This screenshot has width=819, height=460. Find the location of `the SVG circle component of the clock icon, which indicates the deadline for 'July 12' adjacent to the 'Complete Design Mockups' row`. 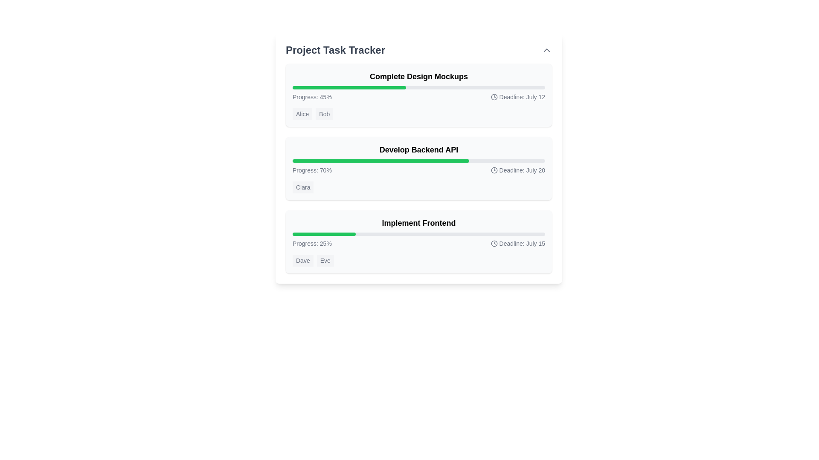

the SVG circle component of the clock icon, which indicates the deadline for 'July 12' adjacent to the 'Complete Design Mockups' row is located at coordinates (494, 96).